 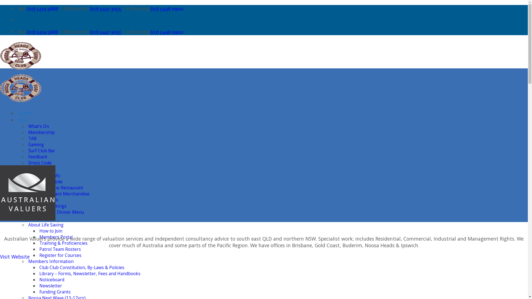 What do you see at coordinates (18, 120) in the screenshot?
I see `'BAR'` at bounding box center [18, 120].